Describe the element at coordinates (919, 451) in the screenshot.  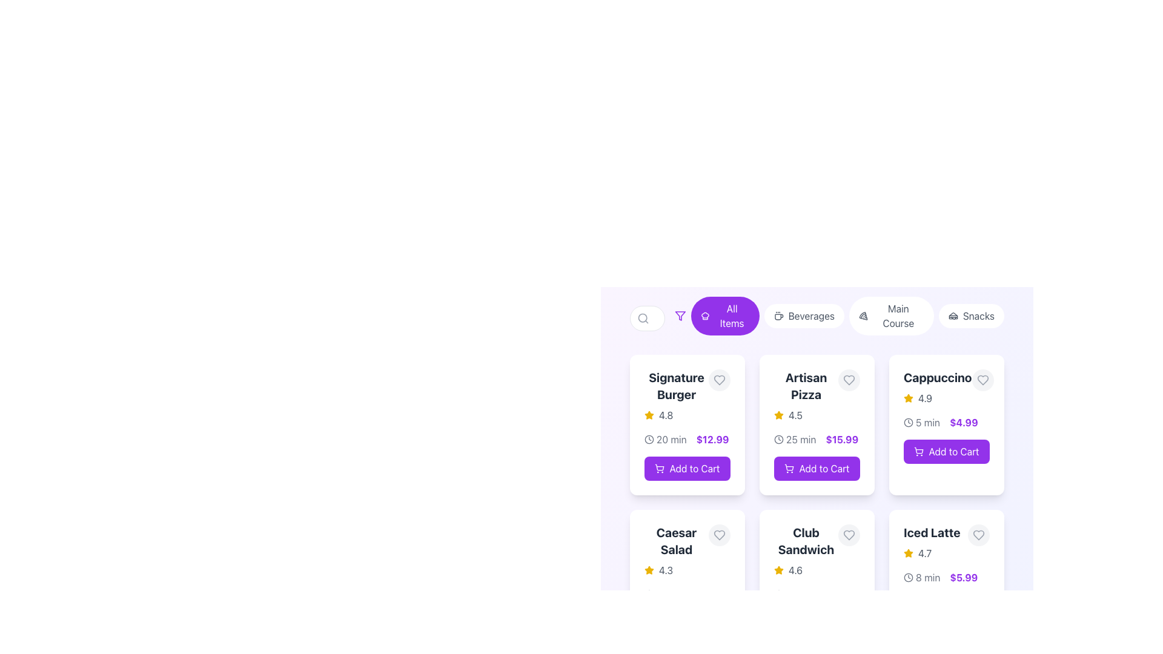
I see `the shopping cart icon within the 'Add to Cart' button, which has a purple background and is located at the bottom section of the 'Cappuccino' card` at that location.